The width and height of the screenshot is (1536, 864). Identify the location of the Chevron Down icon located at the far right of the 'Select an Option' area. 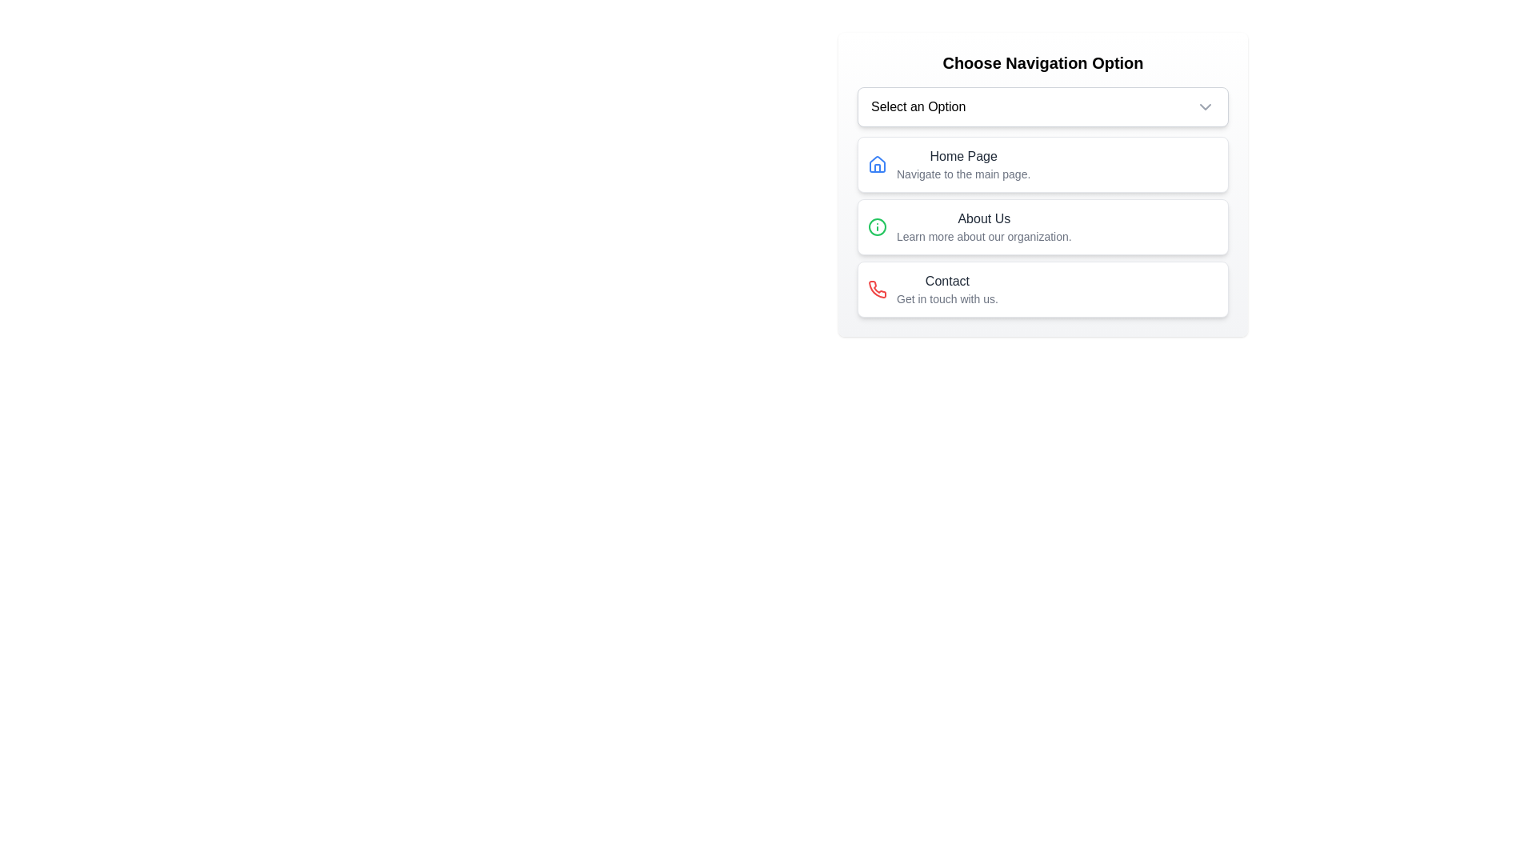
(1206, 107).